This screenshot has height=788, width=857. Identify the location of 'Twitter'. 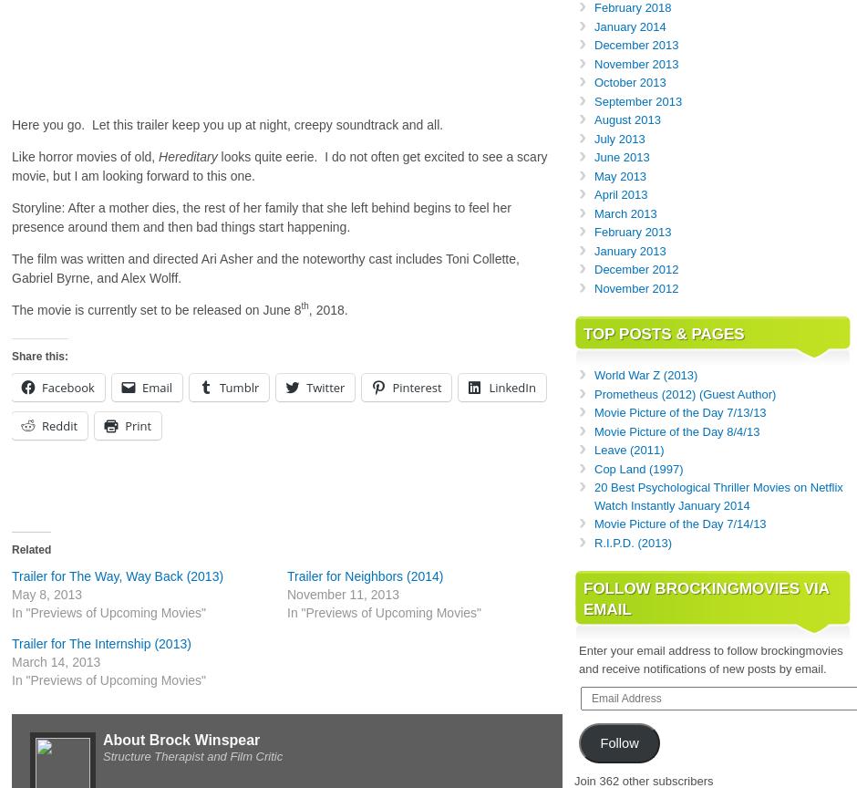
(325, 387).